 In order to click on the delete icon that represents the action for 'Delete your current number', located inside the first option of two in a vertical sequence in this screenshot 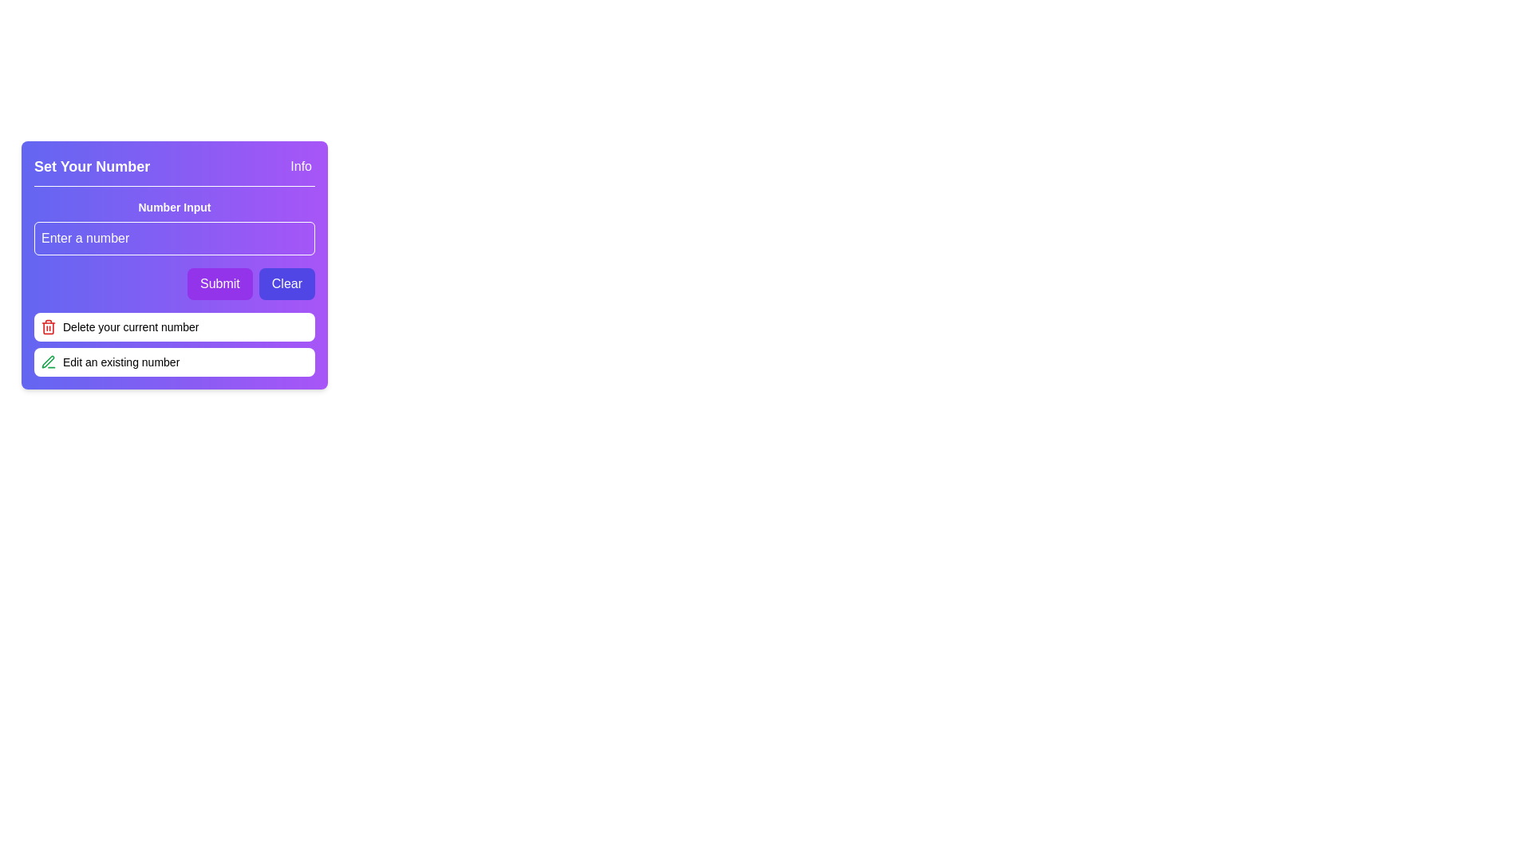, I will do `click(49, 326)`.